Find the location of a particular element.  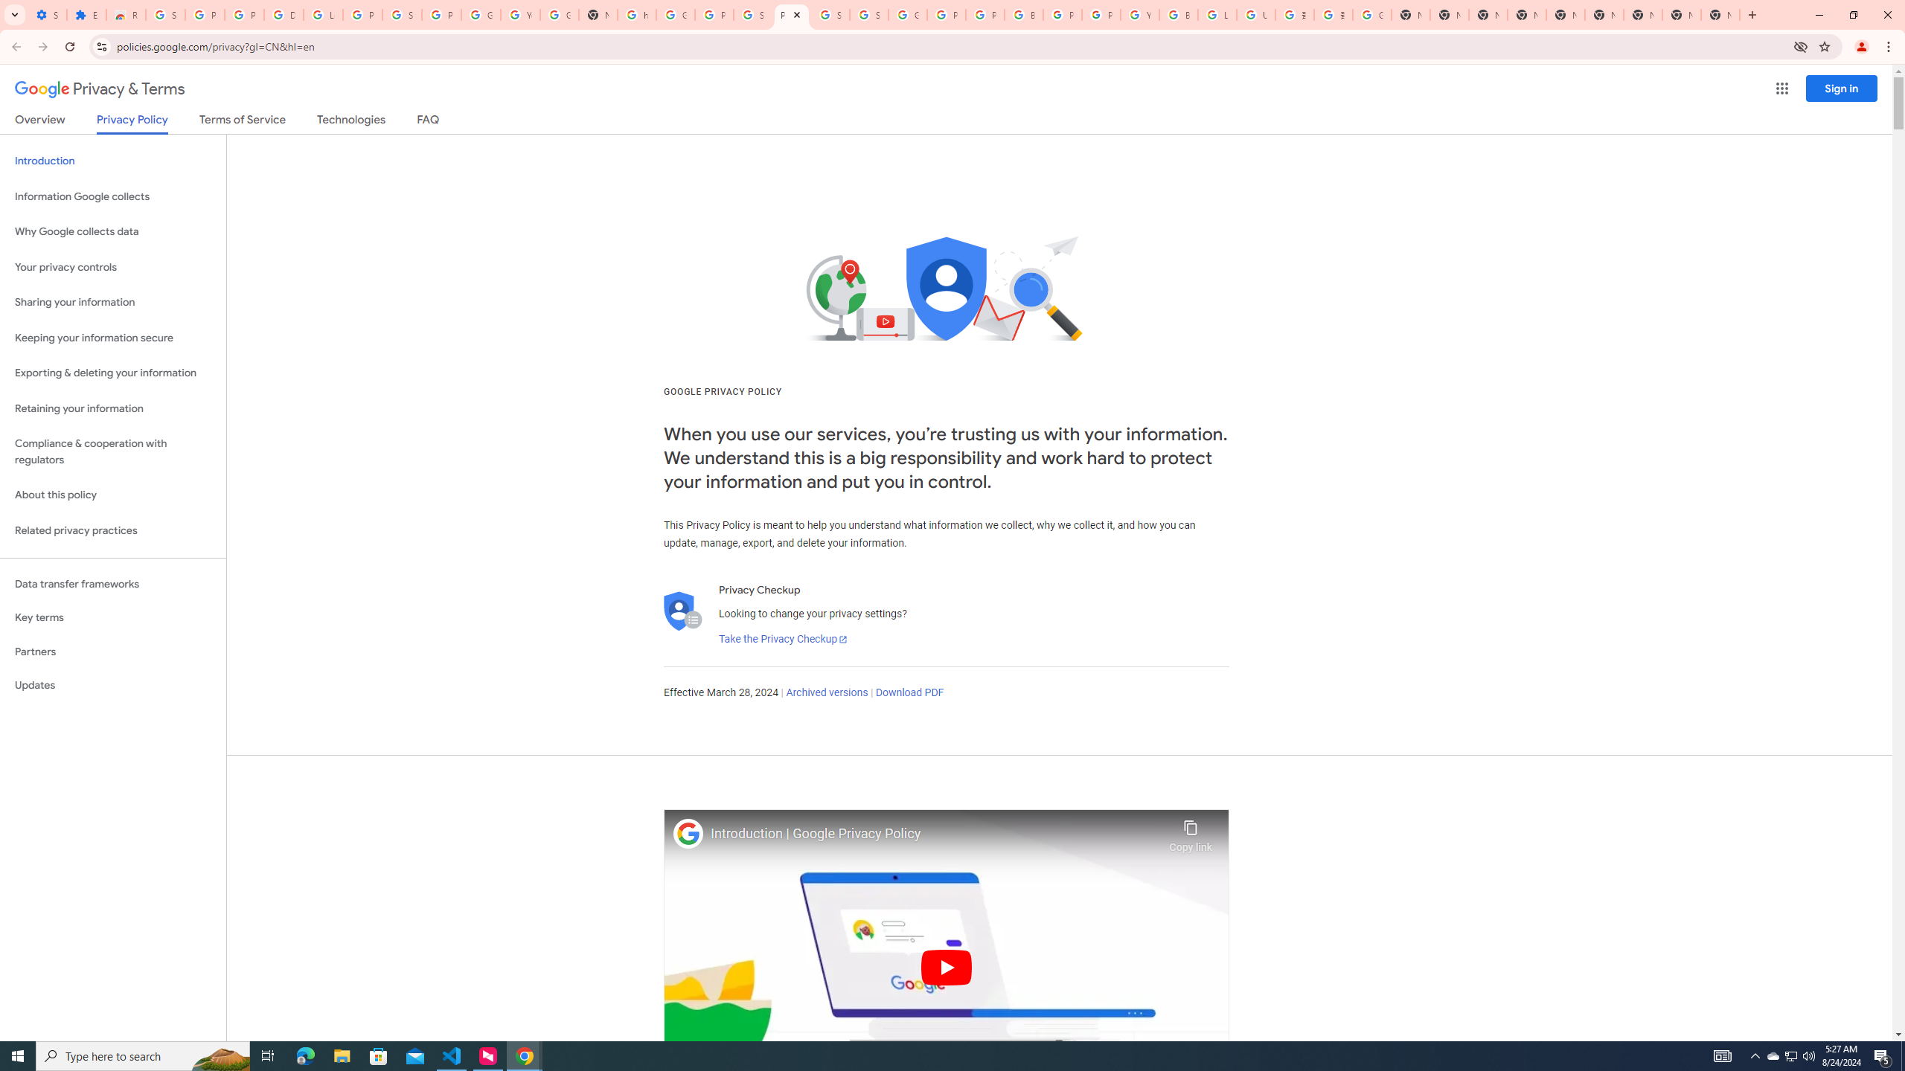

'https://scholar.google.com/' is located at coordinates (637, 14).